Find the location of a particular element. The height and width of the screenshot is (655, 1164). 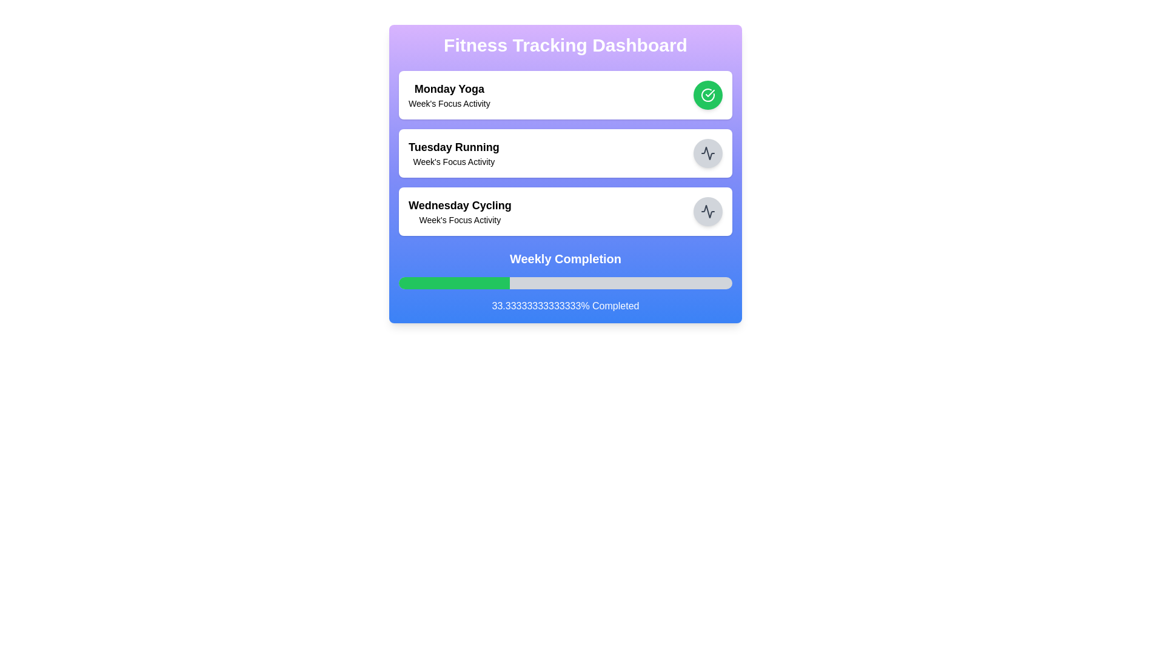

the text label that serves as the title for the activity described in the card, which reads 'Tuesday Running', located centrally in the second information card of the dashboard interface is located at coordinates (453, 147).